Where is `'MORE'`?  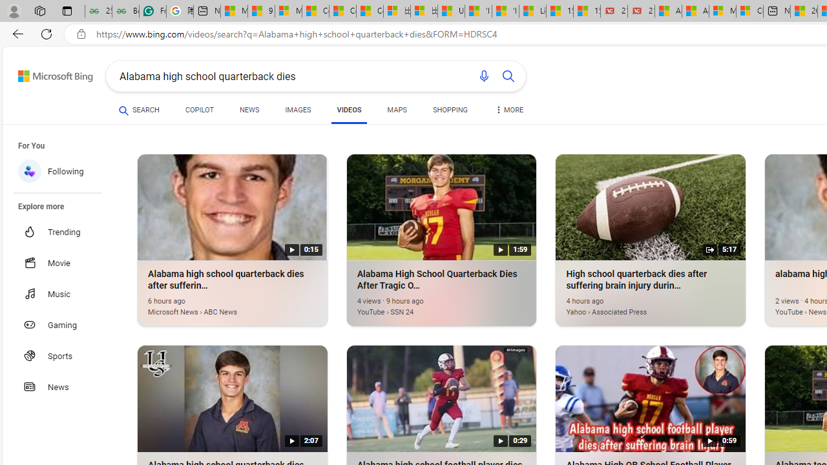
'MORE' is located at coordinates (508, 111).